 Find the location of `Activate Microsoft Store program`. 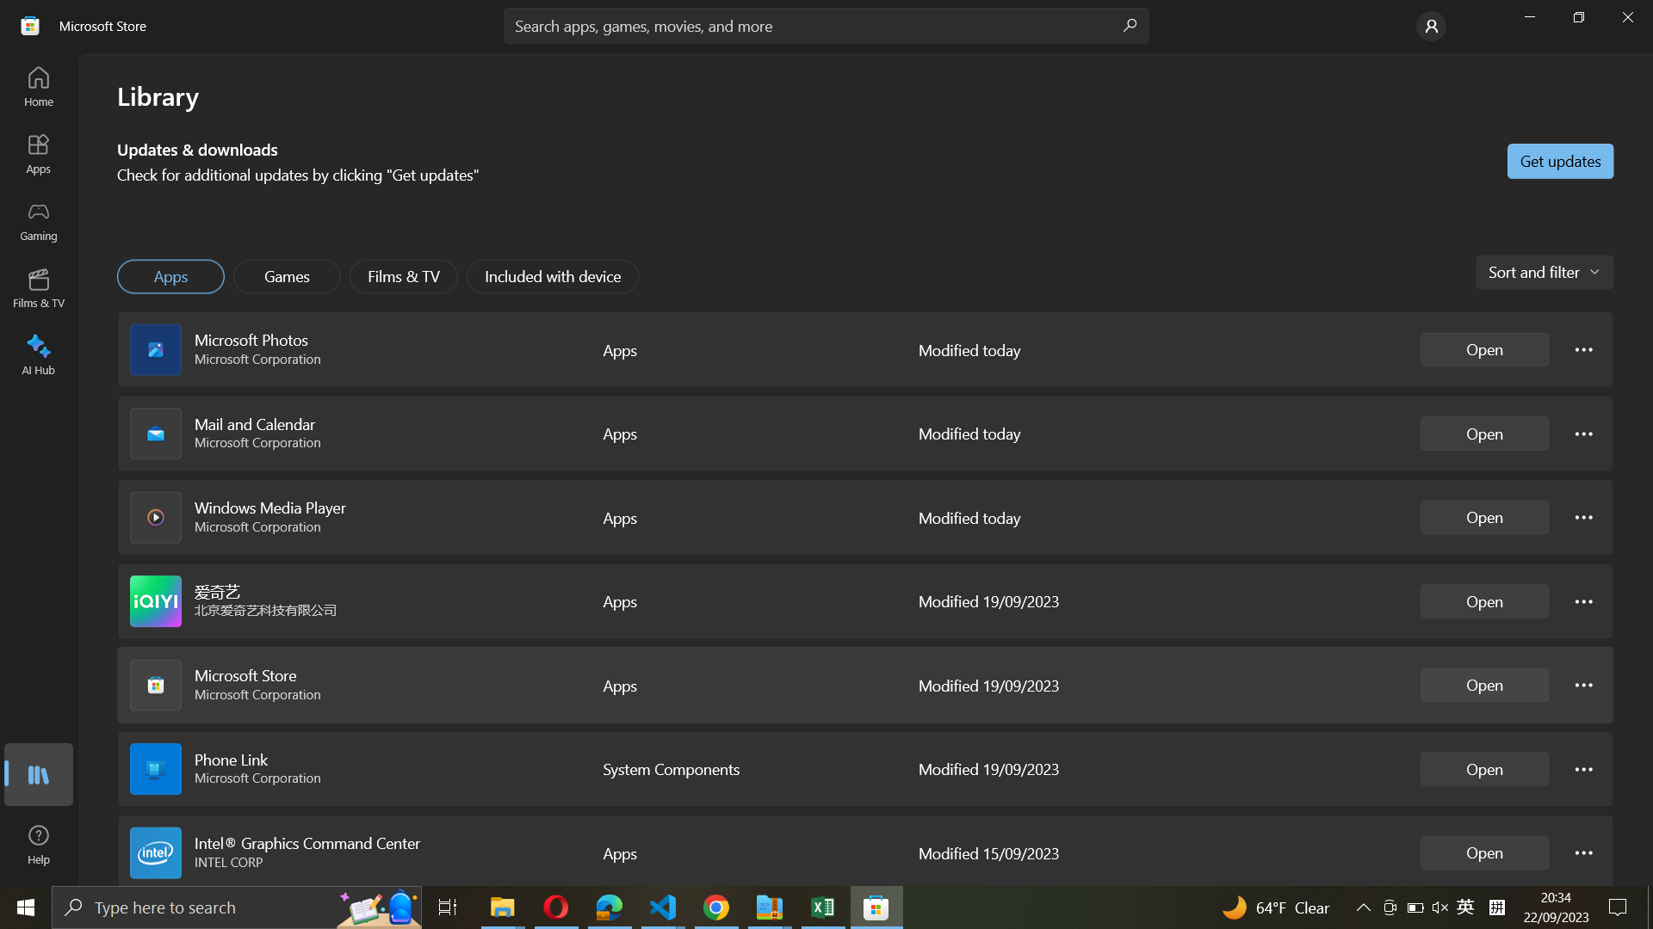

Activate Microsoft Store program is located at coordinates (1484, 685).